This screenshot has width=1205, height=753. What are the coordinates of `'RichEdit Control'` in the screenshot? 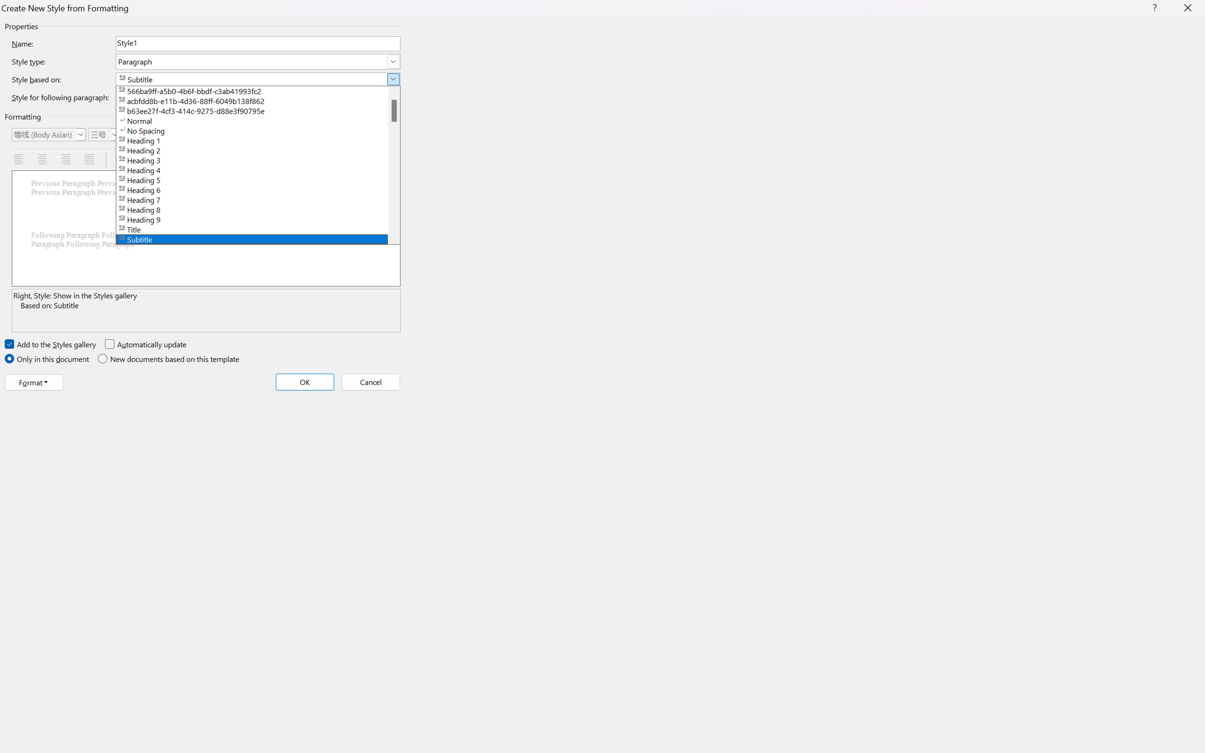 It's located at (258, 43).